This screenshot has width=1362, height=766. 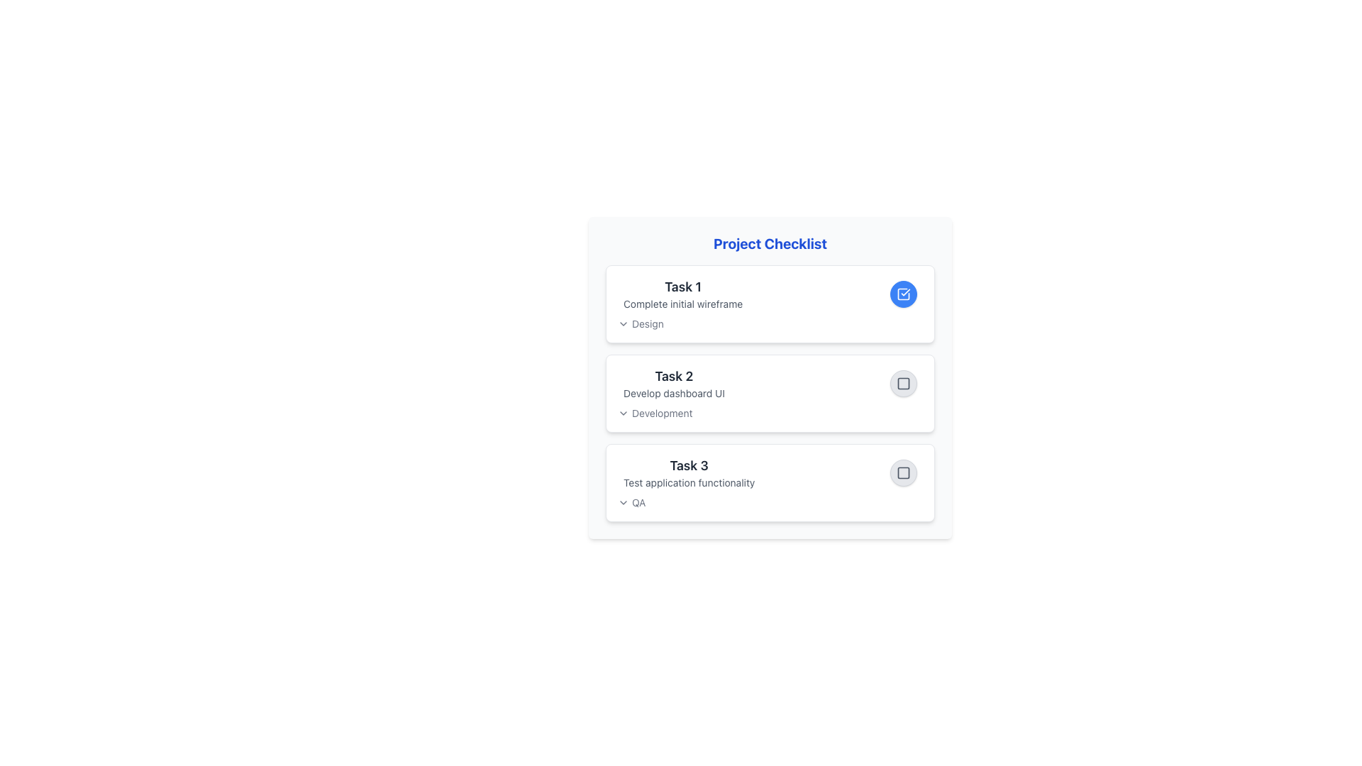 What do you see at coordinates (673, 375) in the screenshot?
I see `text label 'Task 2' displayed in bold above the description in the checklist interface` at bounding box center [673, 375].